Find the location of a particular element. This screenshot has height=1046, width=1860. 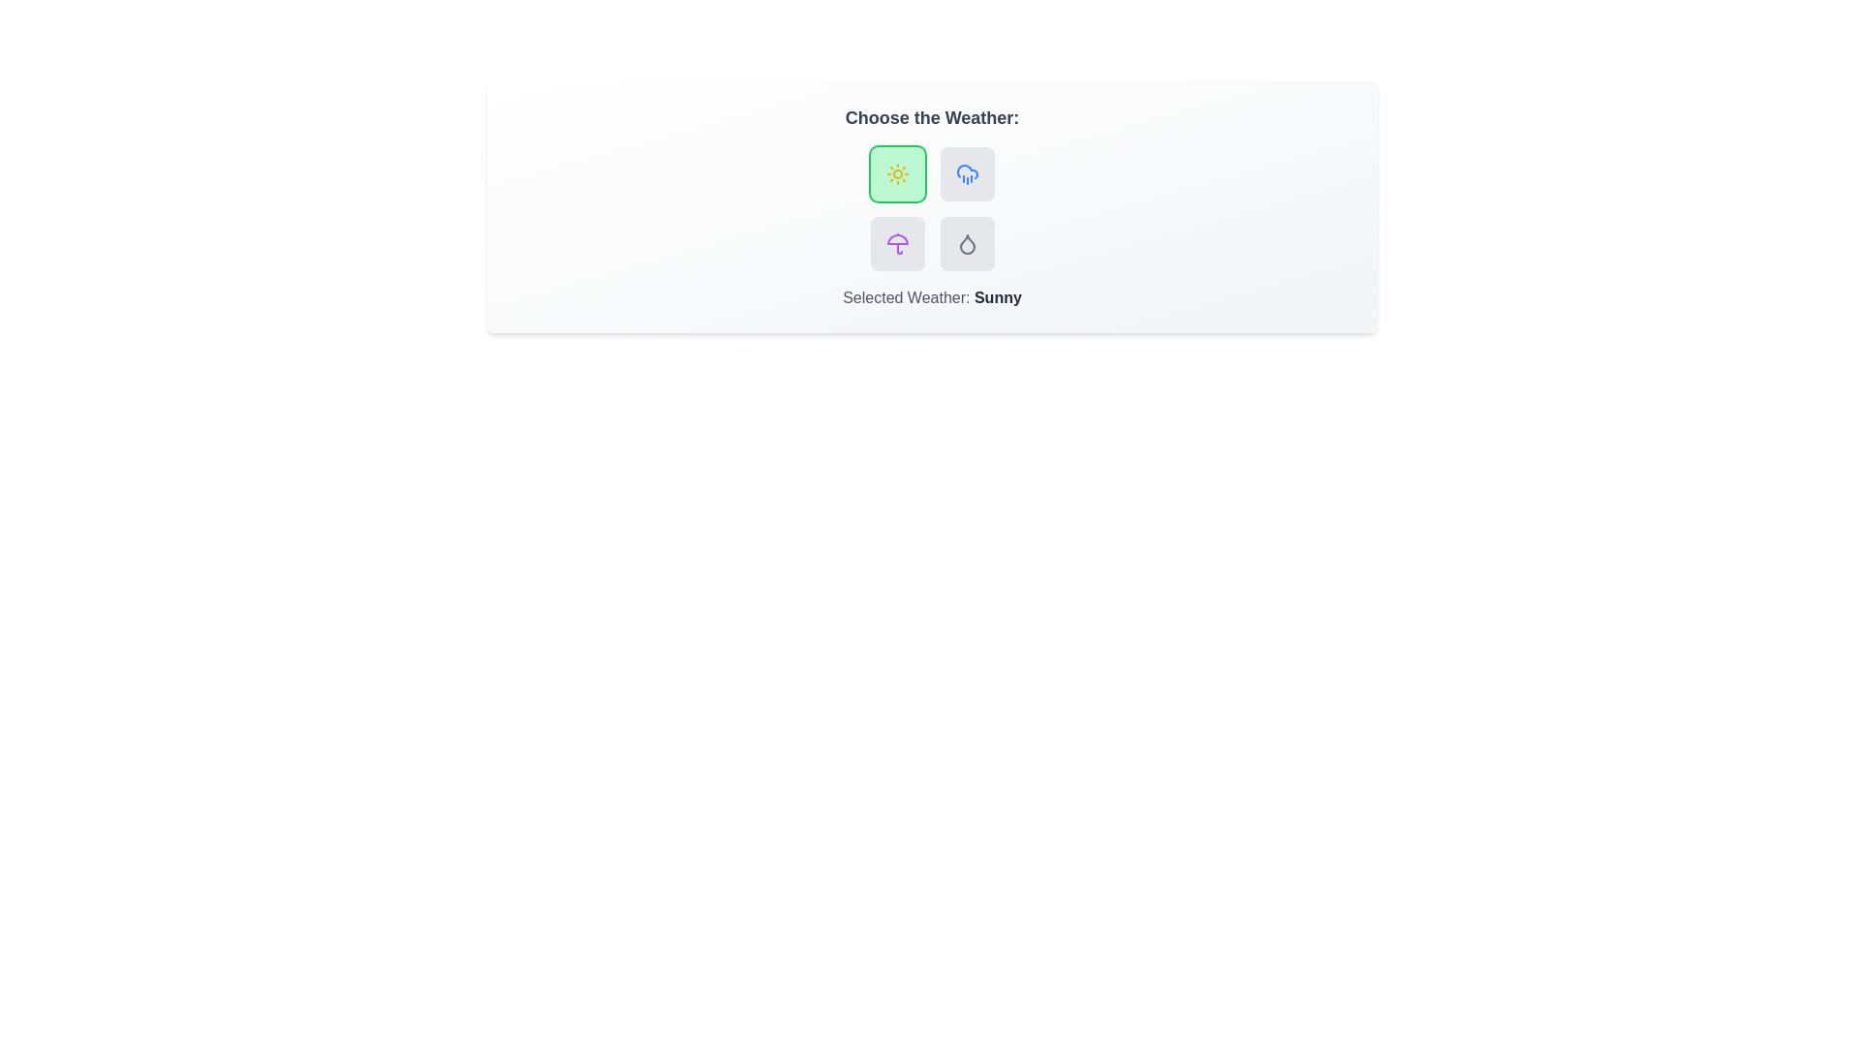

the weather button corresponding to Sunny is located at coordinates (896, 174).